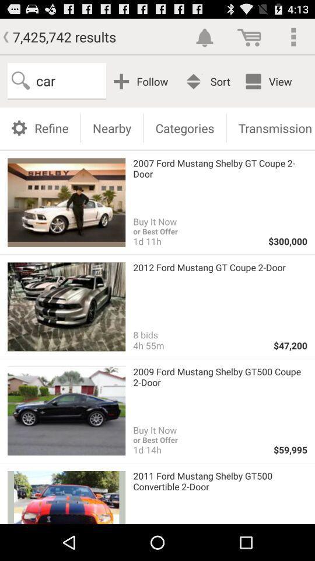 Image resolution: width=315 pixels, height=561 pixels. I want to click on transmission, so click(271, 127).